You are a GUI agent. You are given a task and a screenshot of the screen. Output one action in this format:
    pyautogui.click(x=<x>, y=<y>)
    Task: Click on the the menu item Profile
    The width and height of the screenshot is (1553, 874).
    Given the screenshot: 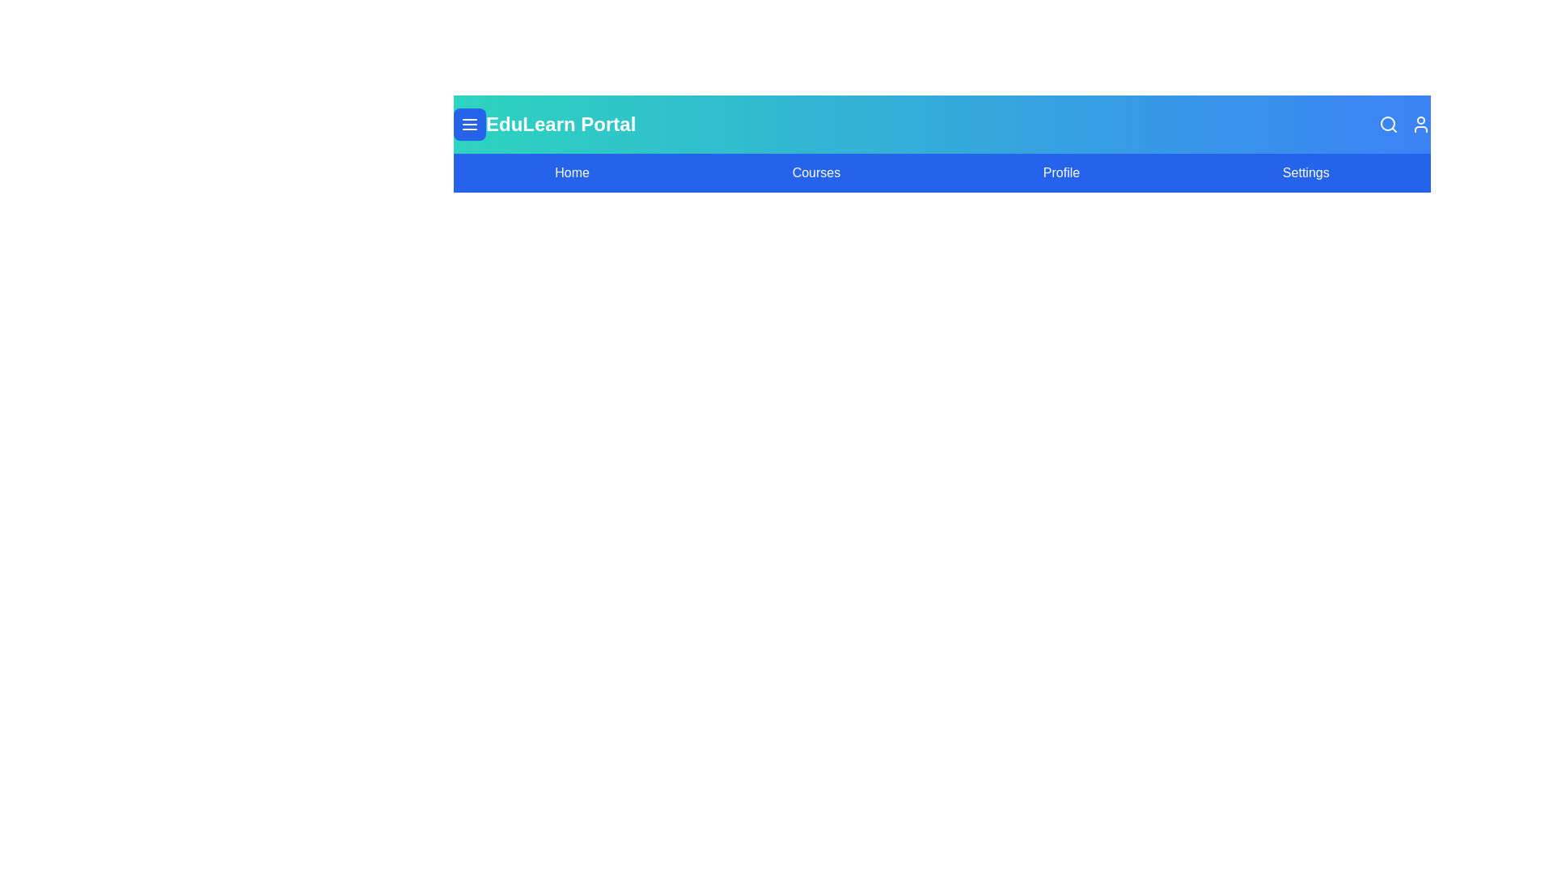 What is the action you would take?
    pyautogui.click(x=1060, y=172)
    